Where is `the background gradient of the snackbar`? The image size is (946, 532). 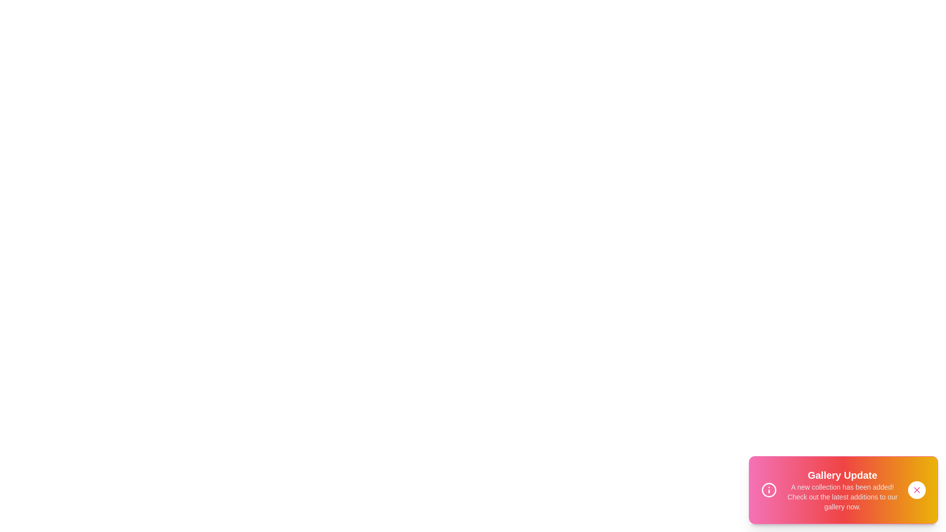
the background gradient of the snackbar is located at coordinates (843, 490).